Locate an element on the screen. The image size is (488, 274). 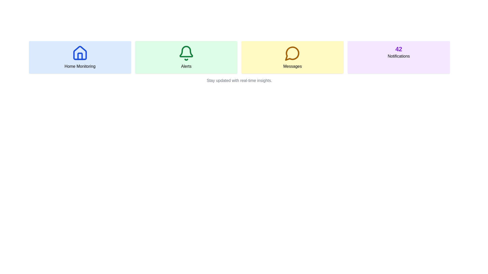
the 'Alerts' text label is located at coordinates (186, 66).